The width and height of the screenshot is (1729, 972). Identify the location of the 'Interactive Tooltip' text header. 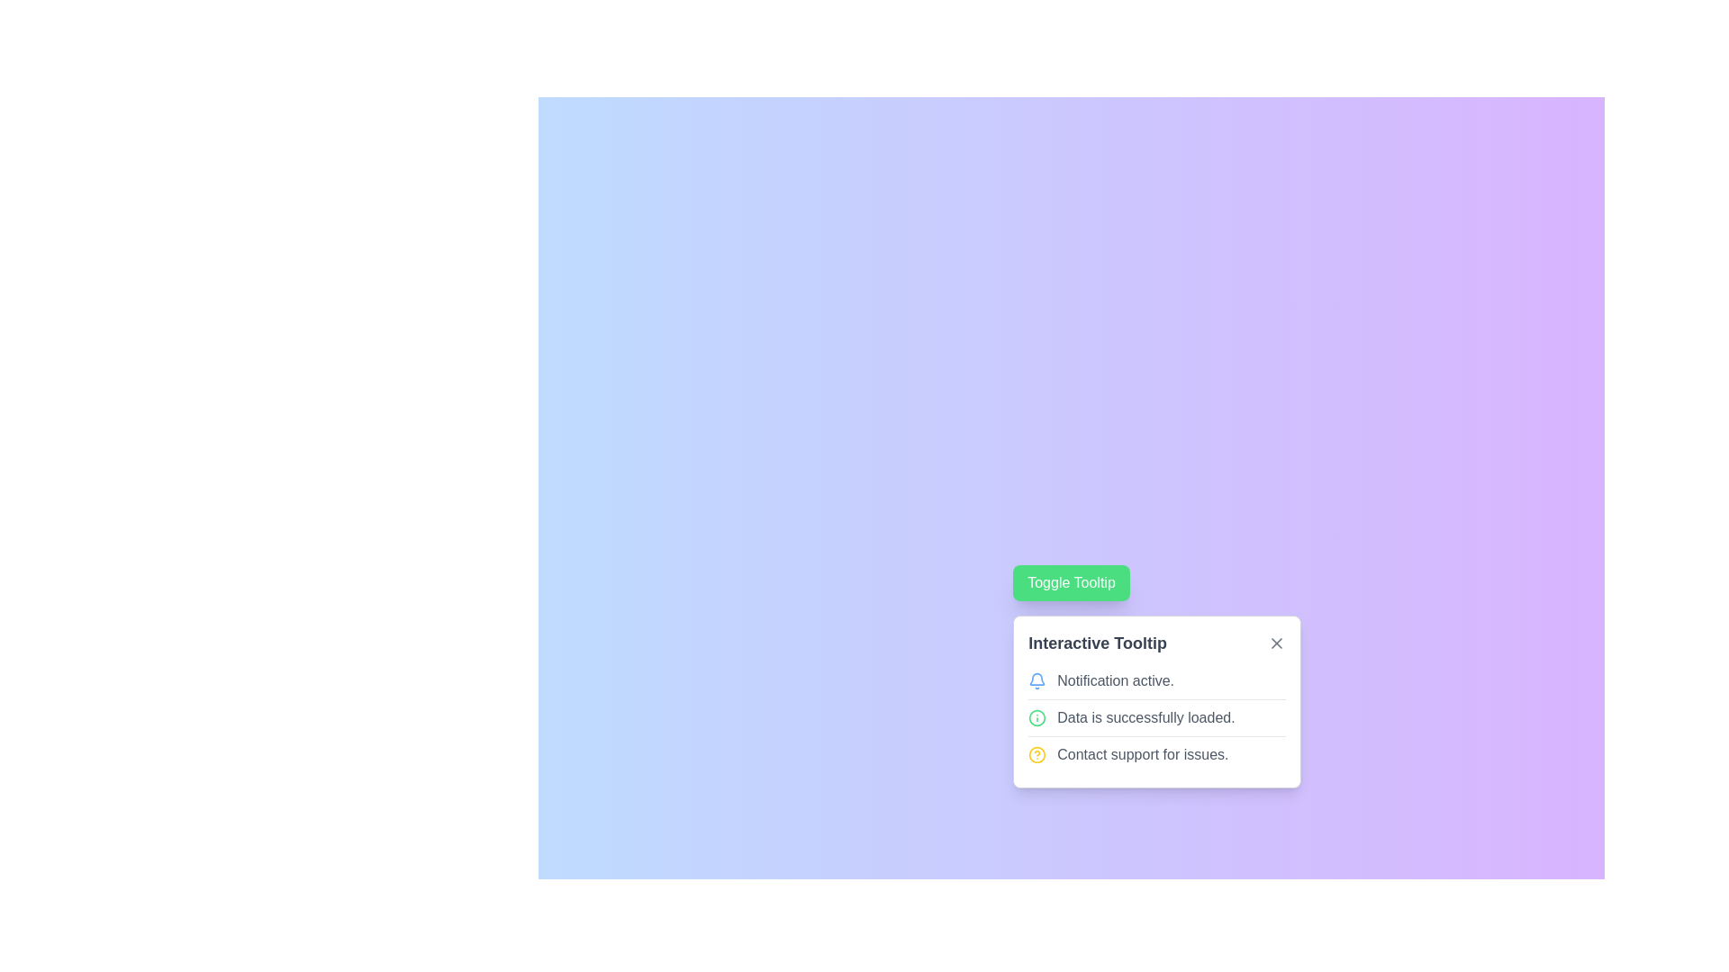
(1157, 642).